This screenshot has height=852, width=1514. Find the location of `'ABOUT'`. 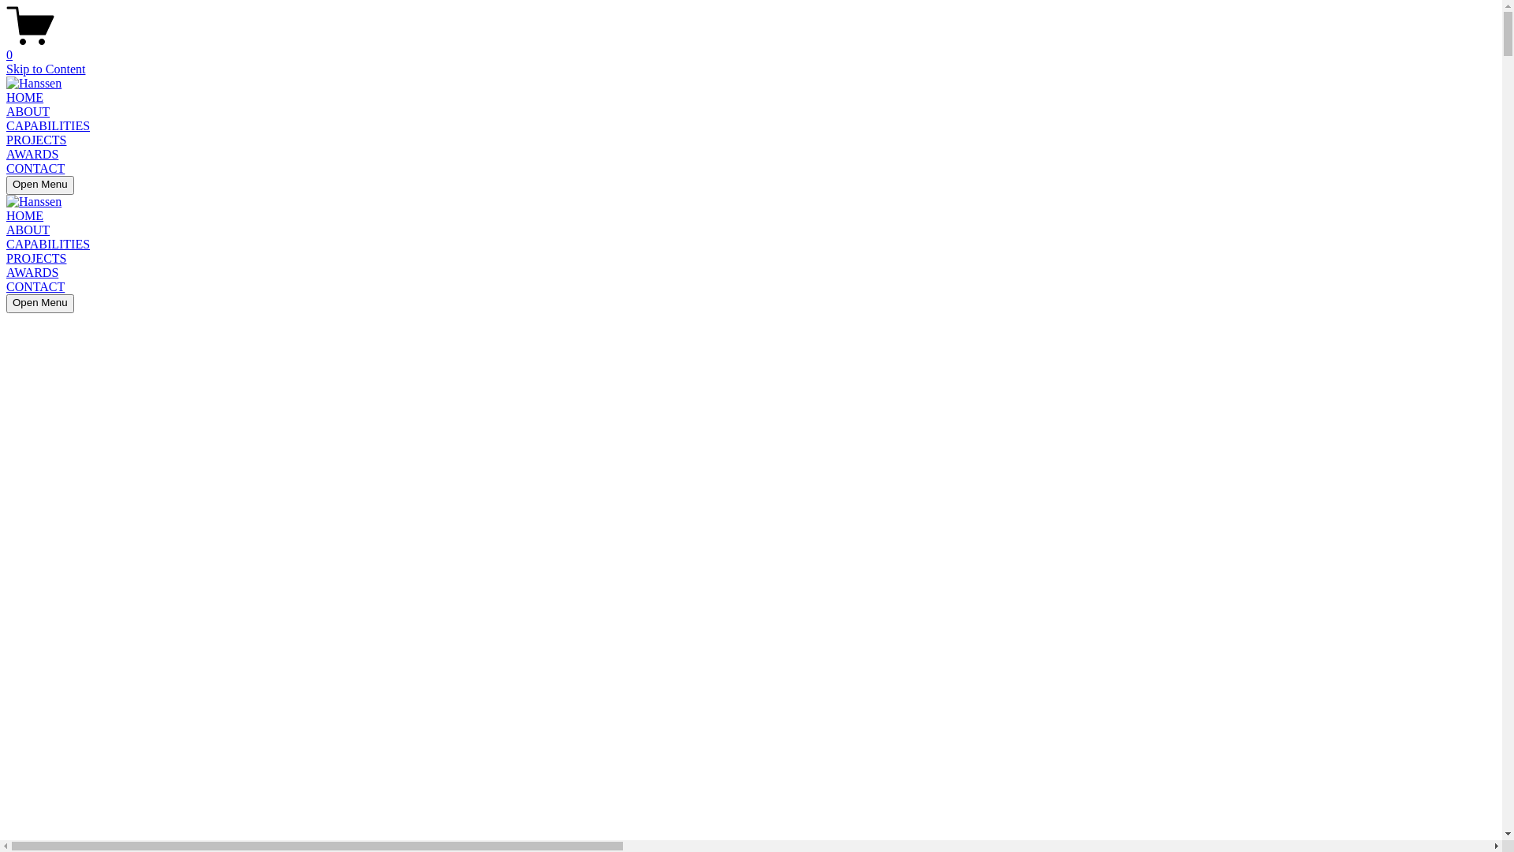

'ABOUT' is located at coordinates (28, 110).